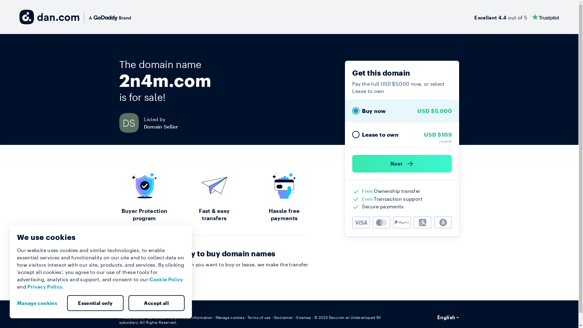 The height and width of the screenshot is (328, 583). What do you see at coordinates (448, 317) in the screenshot?
I see `'English'` at bounding box center [448, 317].